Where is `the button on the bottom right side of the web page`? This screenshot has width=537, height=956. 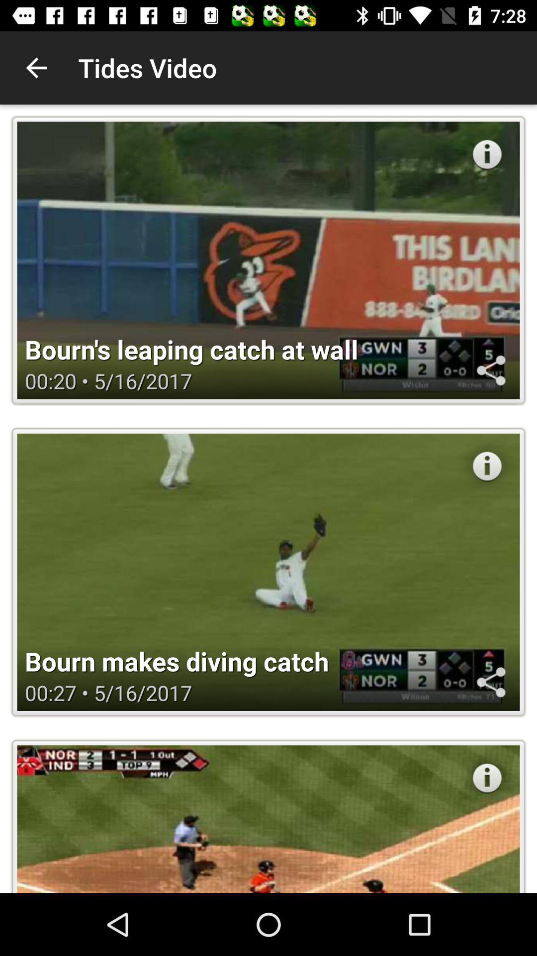
the button on the bottom right side of the web page is located at coordinates (486, 777).